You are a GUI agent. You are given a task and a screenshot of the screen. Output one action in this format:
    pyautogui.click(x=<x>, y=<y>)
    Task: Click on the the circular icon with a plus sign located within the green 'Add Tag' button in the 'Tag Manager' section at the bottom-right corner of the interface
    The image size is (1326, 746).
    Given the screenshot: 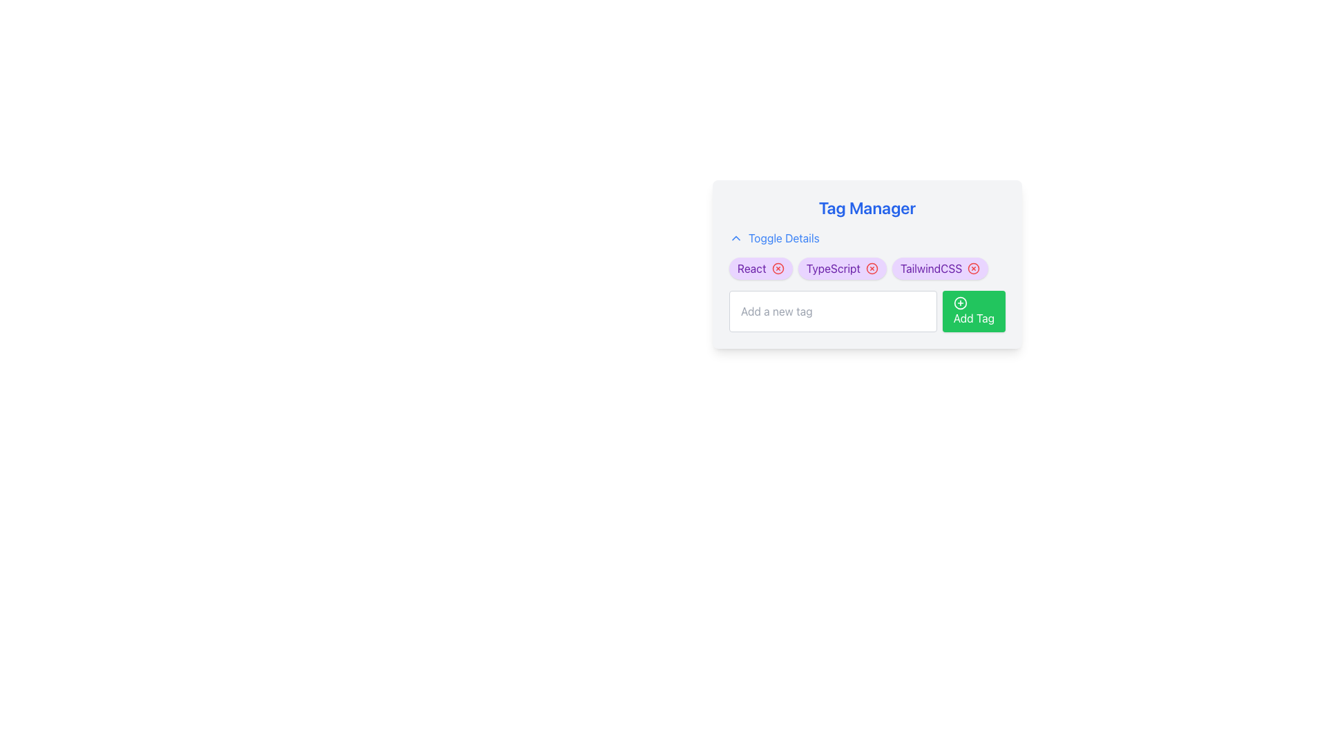 What is the action you would take?
    pyautogui.click(x=959, y=303)
    